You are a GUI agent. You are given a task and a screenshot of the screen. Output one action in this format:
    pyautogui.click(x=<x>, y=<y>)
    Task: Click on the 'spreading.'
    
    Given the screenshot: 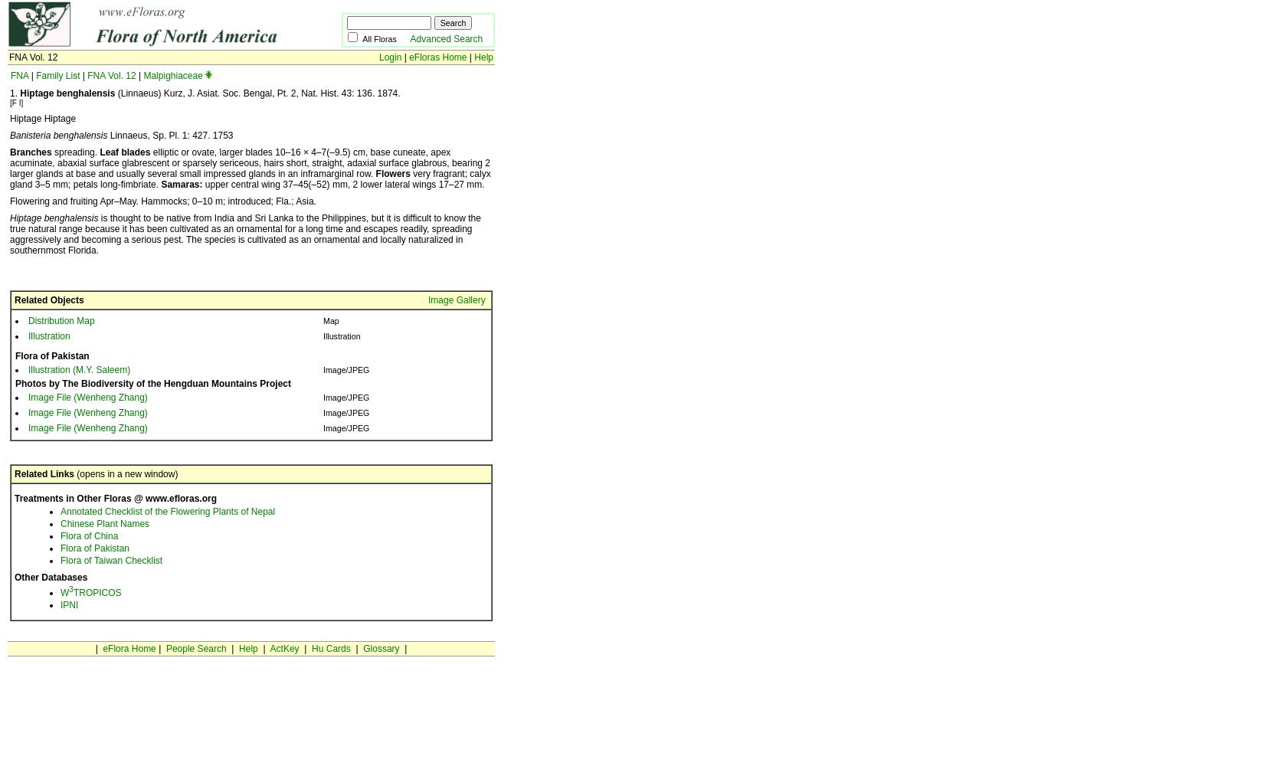 What is the action you would take?
    pyautogui.click(x=75, y=152)
    